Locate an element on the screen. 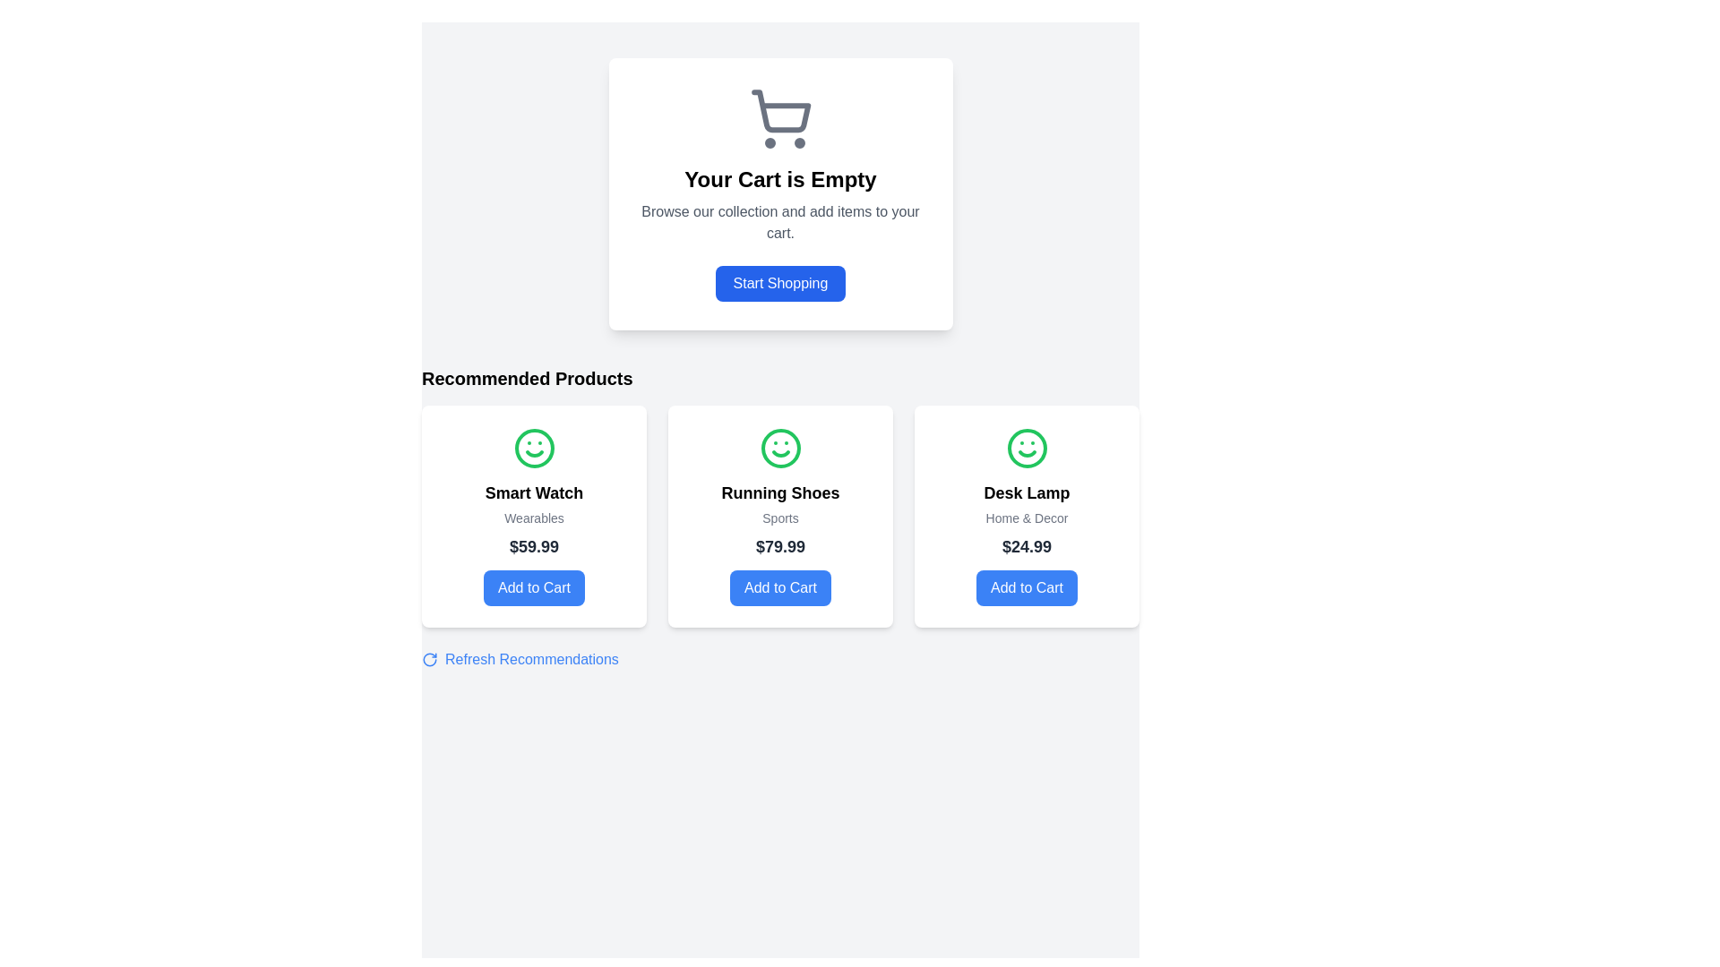 Image resolution: width=1720 pixels, height=967 pixels. the green circle element within the smiley face icon located on the card labeled 'Desk Lamp' in the 'Recommended Products' section is located at coordinates (1027, 448).